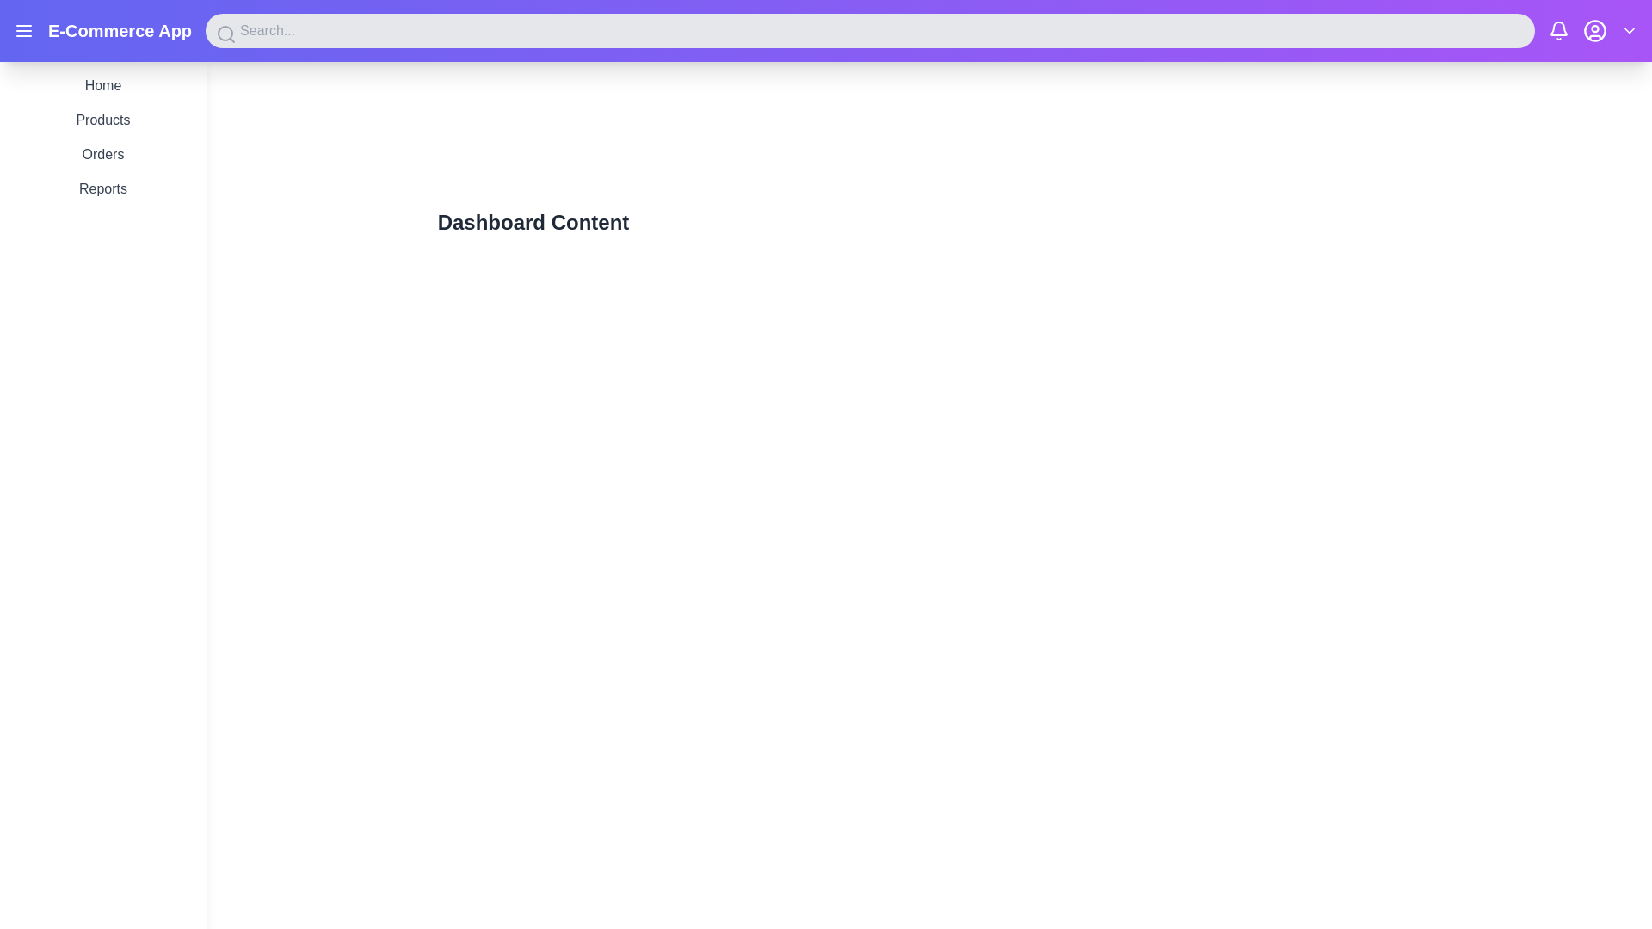  I want to click on the bell-shaped notification icon located in the top-right corner of the header bar, so click(1558, 30).